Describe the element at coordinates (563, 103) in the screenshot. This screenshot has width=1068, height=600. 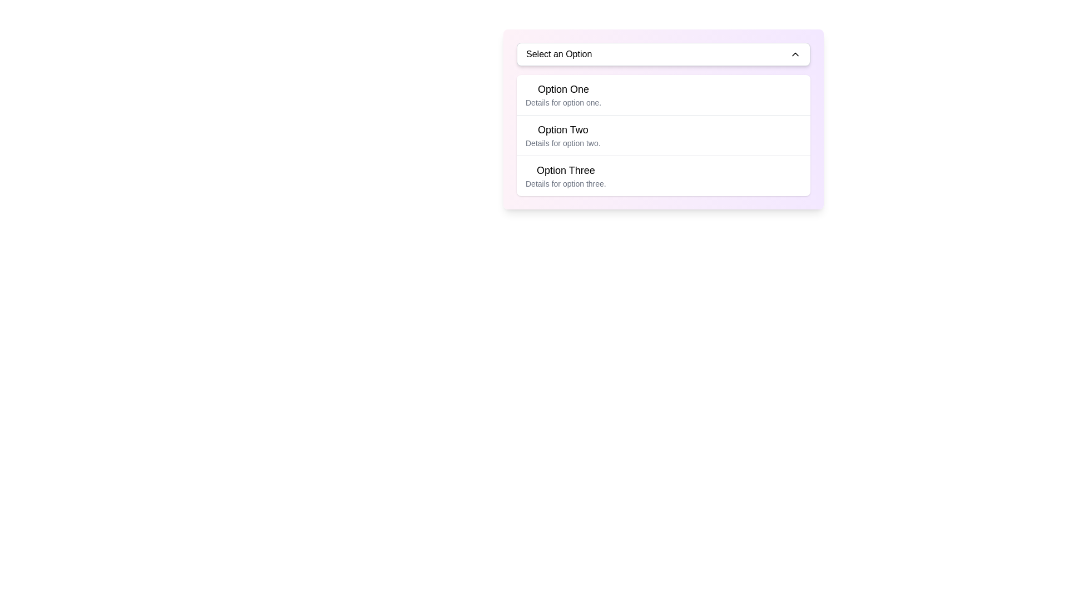
I see `the text label providing additional descriptive information about 'Option One', positioned directly below the bolded header in the dropdown menu` at that location.